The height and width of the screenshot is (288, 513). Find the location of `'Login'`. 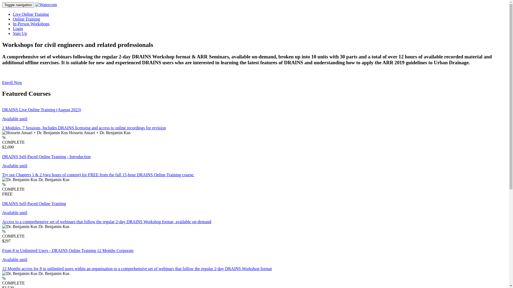

'Login' is located at coordinates (18, 29).